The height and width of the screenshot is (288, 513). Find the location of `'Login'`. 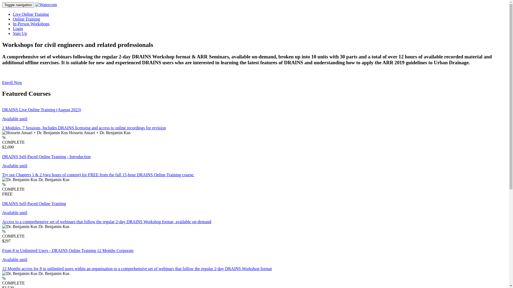

'Login' is located at coordinates (18, 29).